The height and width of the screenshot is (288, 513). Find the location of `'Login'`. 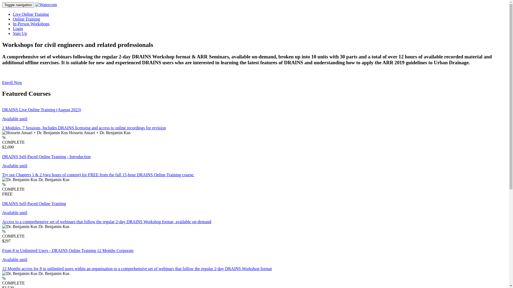

'Login' is located at coordinates (18, 29).